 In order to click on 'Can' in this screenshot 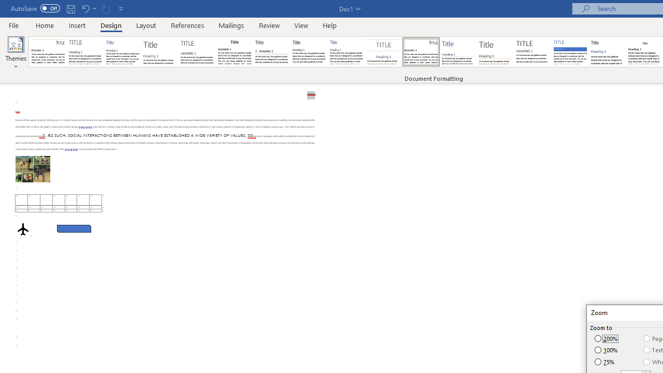, I will do `click(106, 8)`.